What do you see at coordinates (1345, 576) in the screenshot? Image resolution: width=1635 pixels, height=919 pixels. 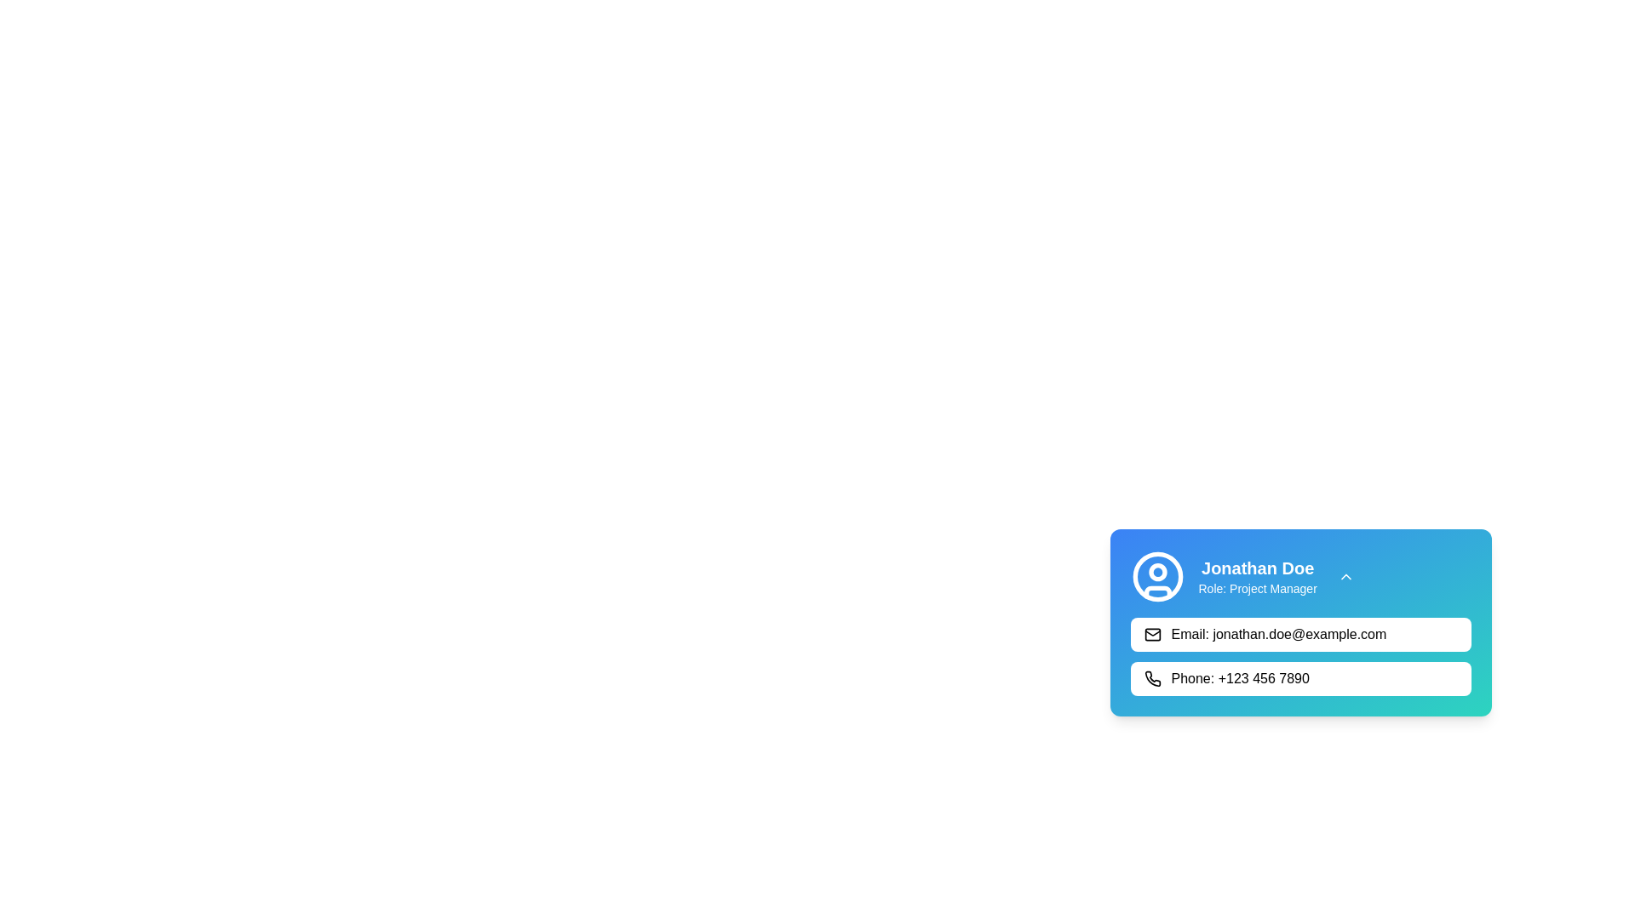 I see `the downward-pointing chevron icon located in the upper-right edge of the profile card header to receive potential feedback` at bounding box center [1345, 576].